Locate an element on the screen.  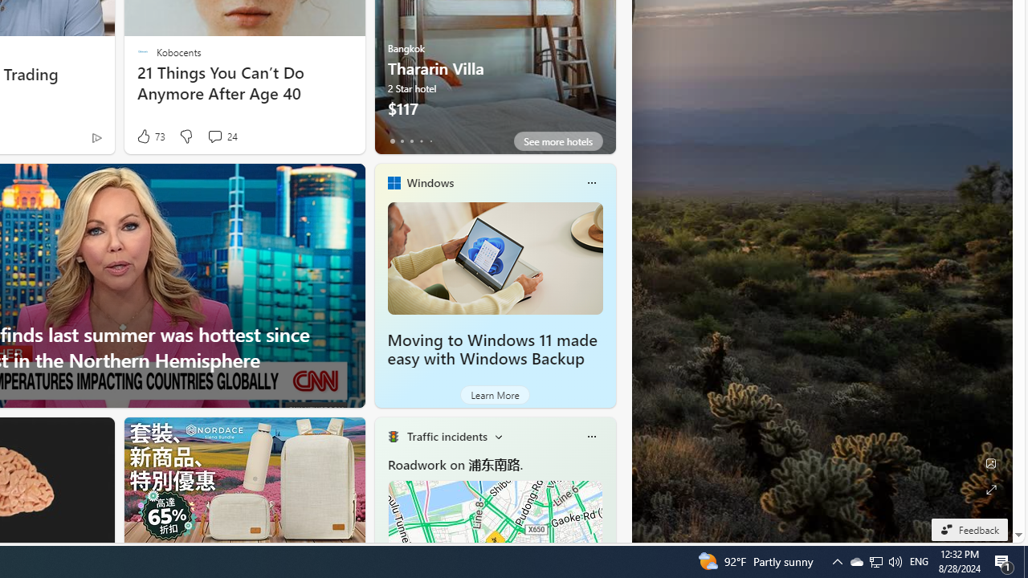
'Class: icon-img' is located at coordinates (590, 436).